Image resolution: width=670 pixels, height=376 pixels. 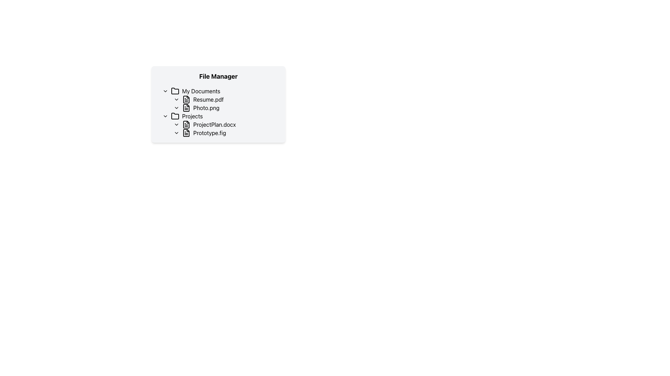 I want to click on the Header or Title Text labeled 'File Manager', which is a bolded, large-sized text at the top of a light gray, rounded rectangle box, so click(x=218, y=76).